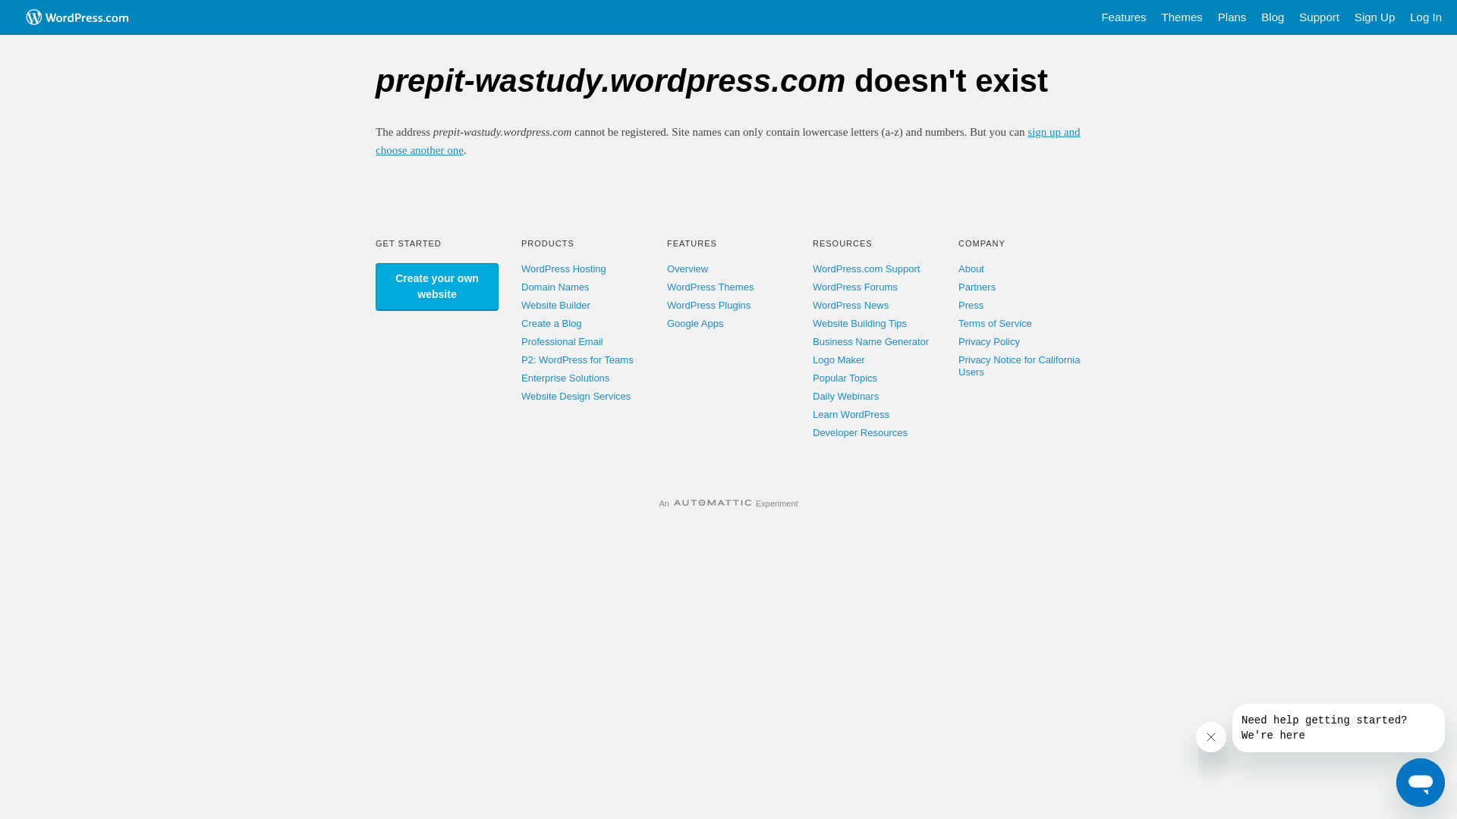  I want to click on 'Overview', so click(666, 268).